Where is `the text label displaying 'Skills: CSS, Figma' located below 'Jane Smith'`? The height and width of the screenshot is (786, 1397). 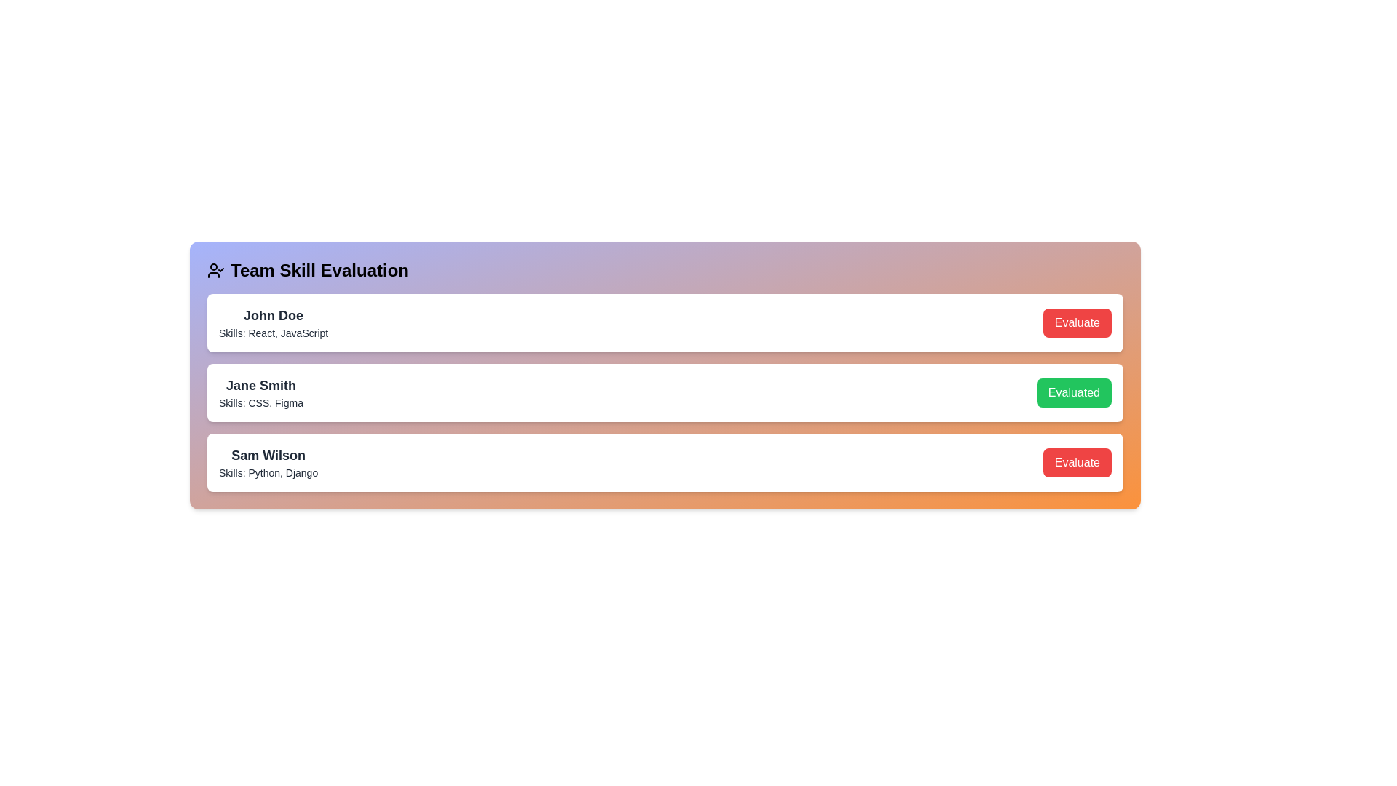 the text label displaying 'Skills: CSS, Figma' located below 'Jane Smith' is located at coordinates (261, 403).